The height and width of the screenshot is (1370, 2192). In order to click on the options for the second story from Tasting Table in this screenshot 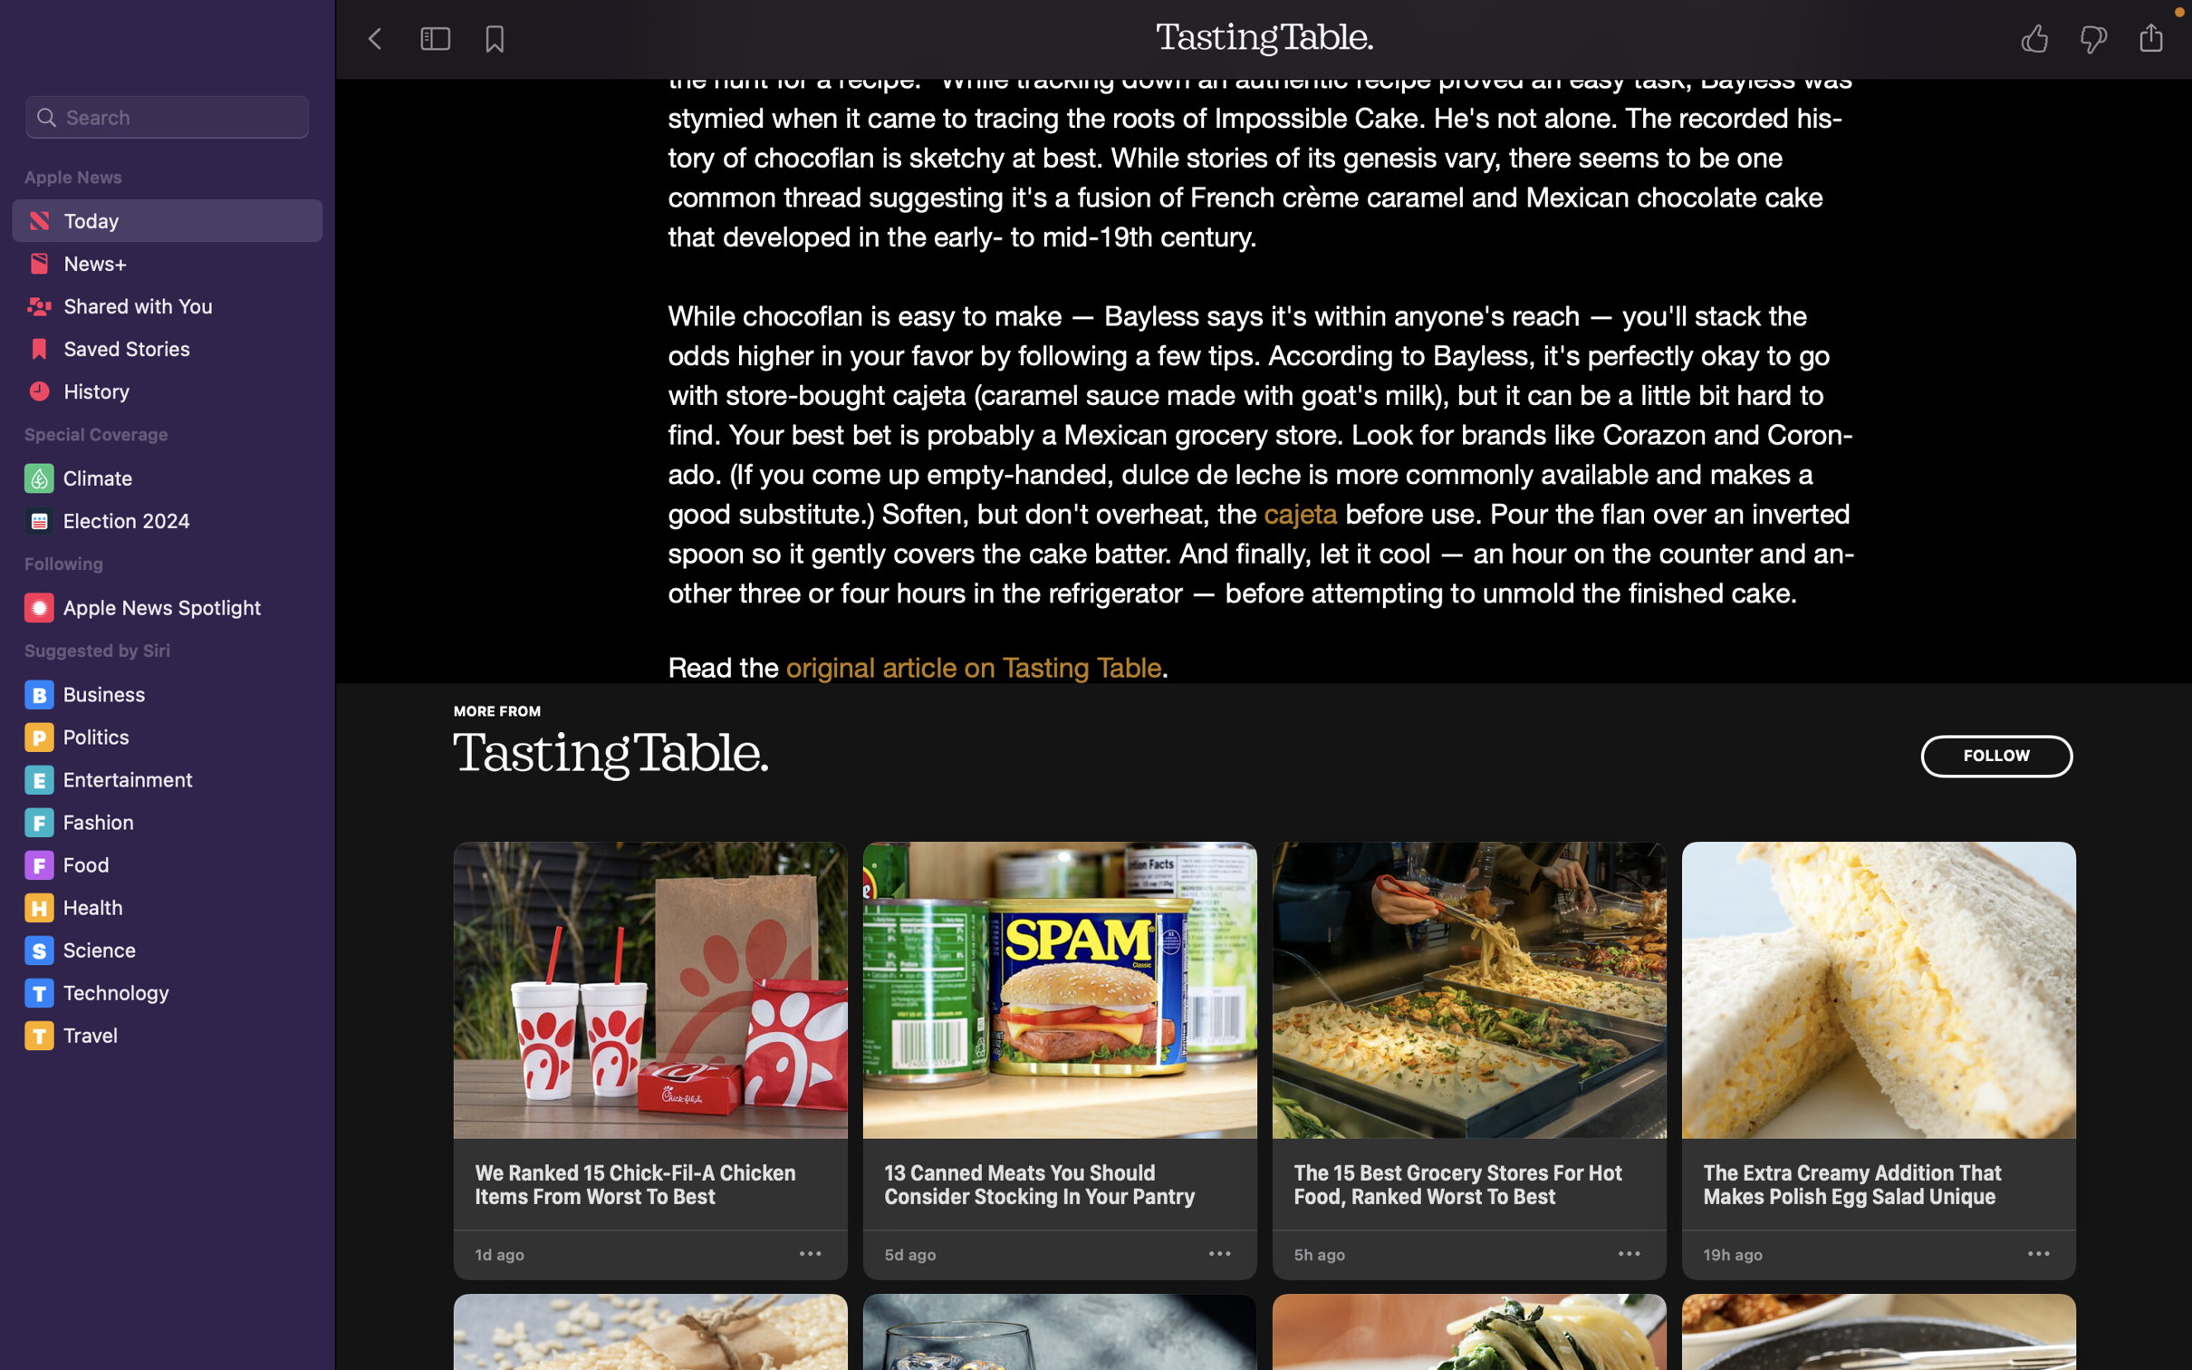, I will do `click(1220, 1254)`.